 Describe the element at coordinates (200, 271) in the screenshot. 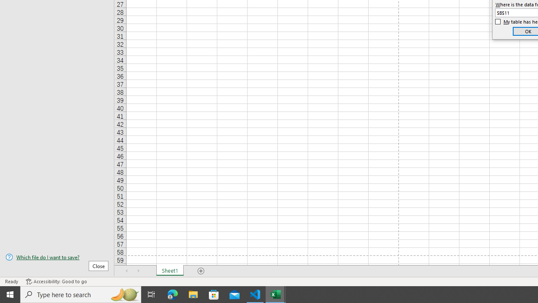

I see `'Add Sheet'` at that location.